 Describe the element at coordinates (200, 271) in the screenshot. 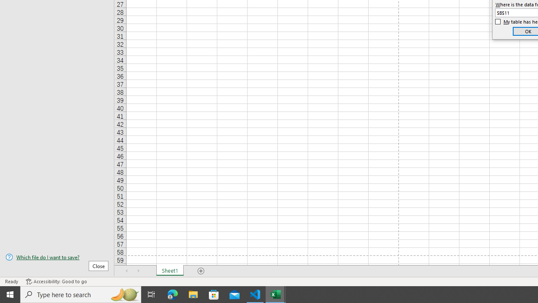

I see `'Add Sheet'` at that location.